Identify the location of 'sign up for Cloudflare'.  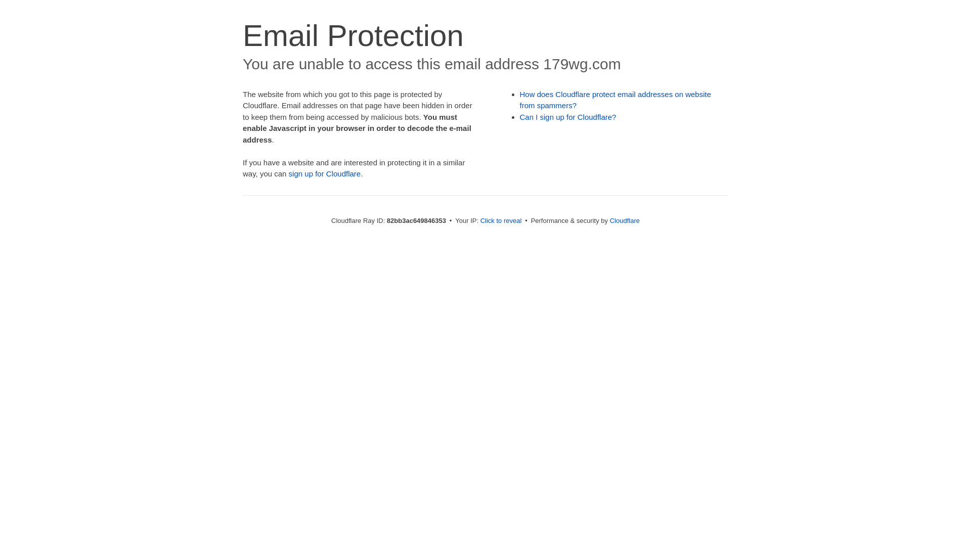
(325, 173).